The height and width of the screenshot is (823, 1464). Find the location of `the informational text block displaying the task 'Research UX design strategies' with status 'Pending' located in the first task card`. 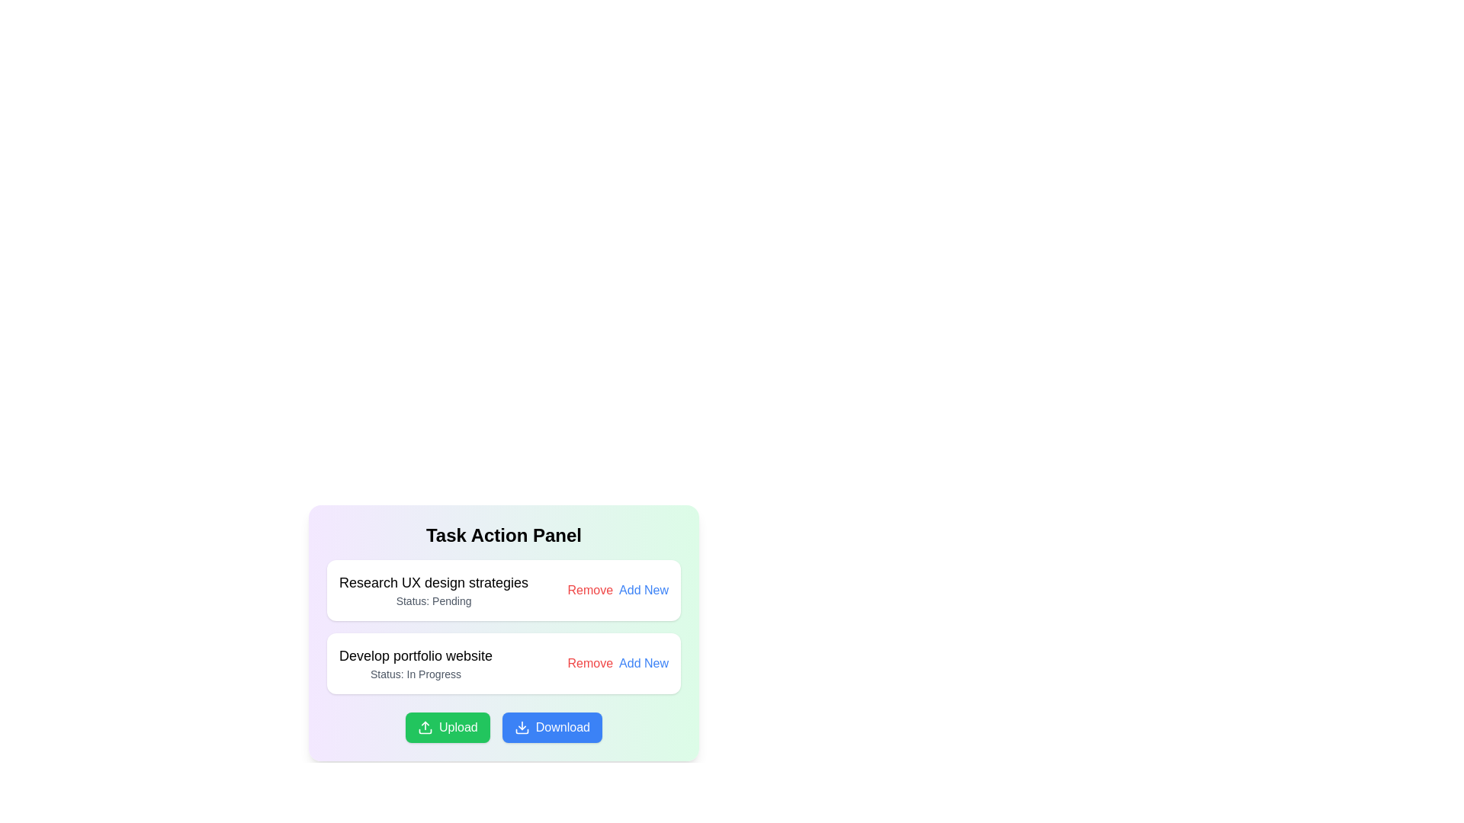

the informational text block displaying the task 'Research UX design strategies' with status 'Pending' located in the first task card is located at coordinates (433, 590).